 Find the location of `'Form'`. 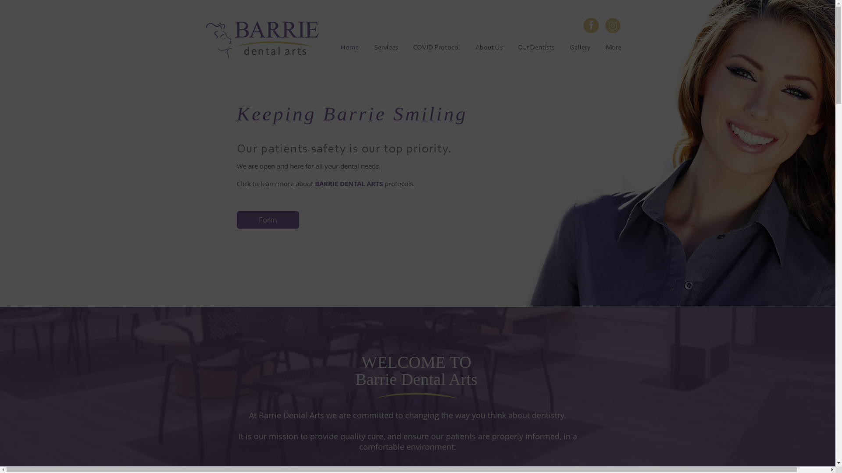

'Form' is located at coordinates (267, 219).